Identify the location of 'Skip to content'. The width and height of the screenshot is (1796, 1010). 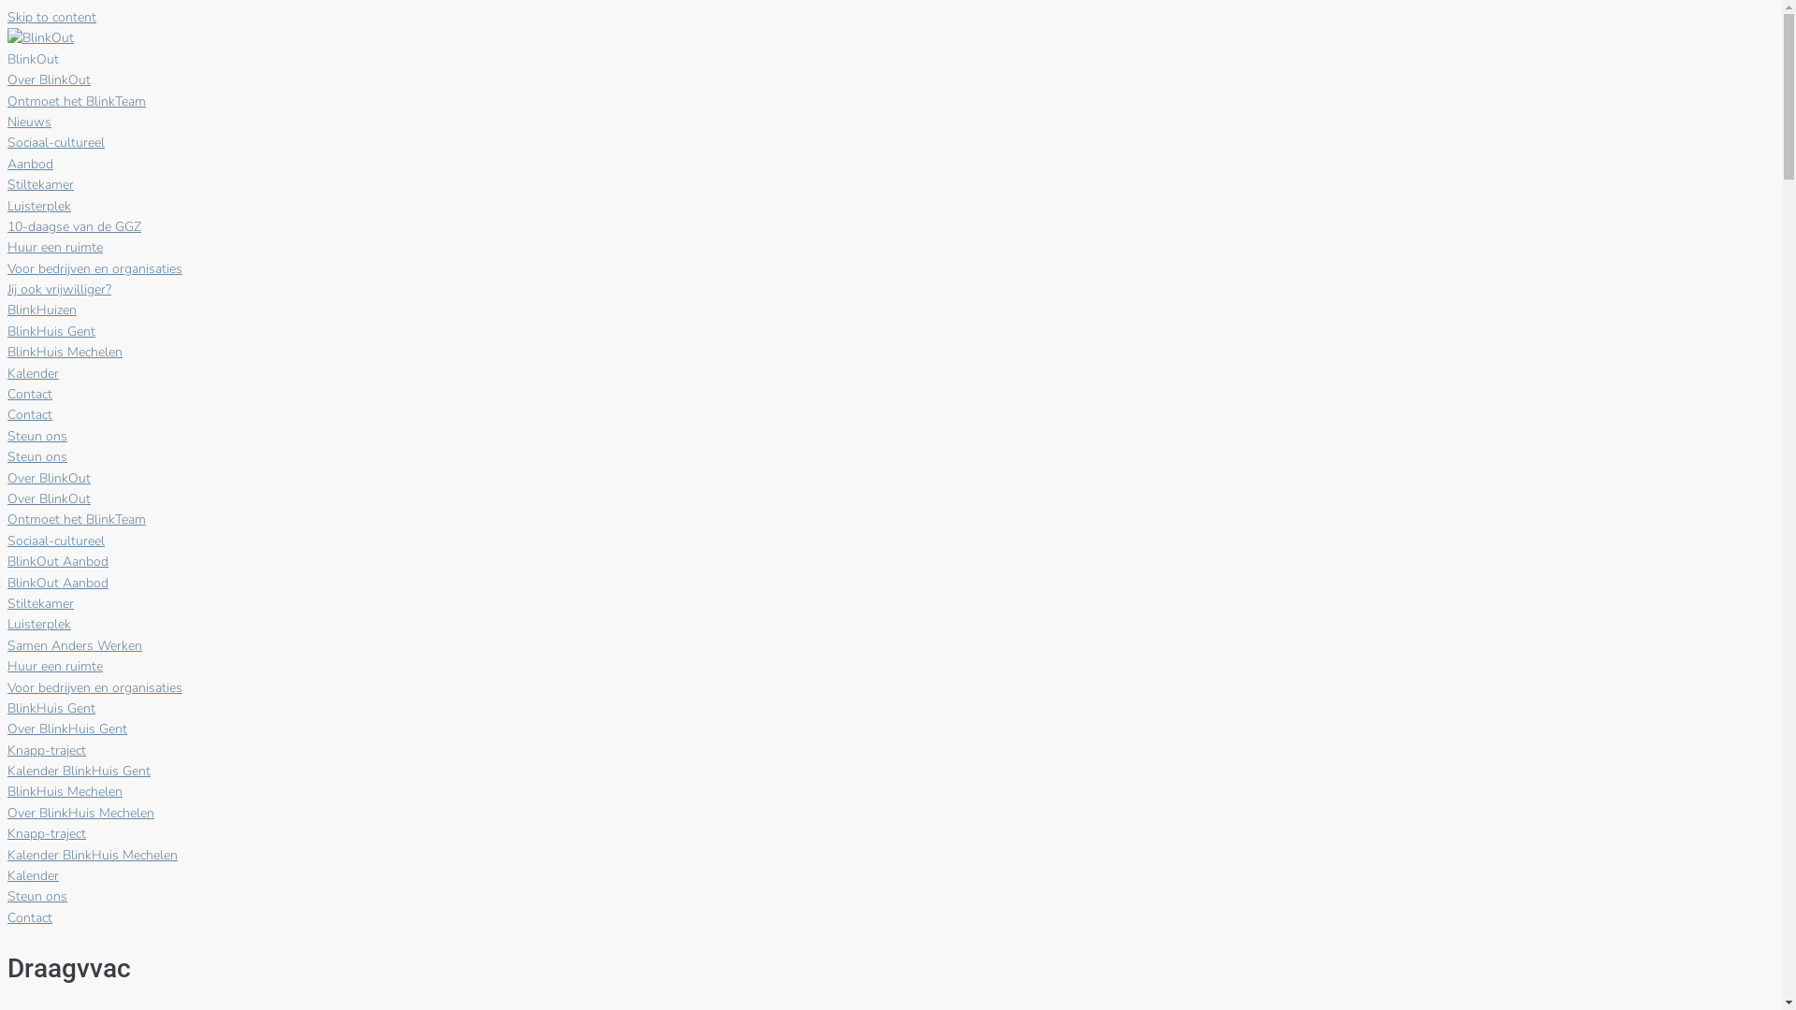
(51, 17).